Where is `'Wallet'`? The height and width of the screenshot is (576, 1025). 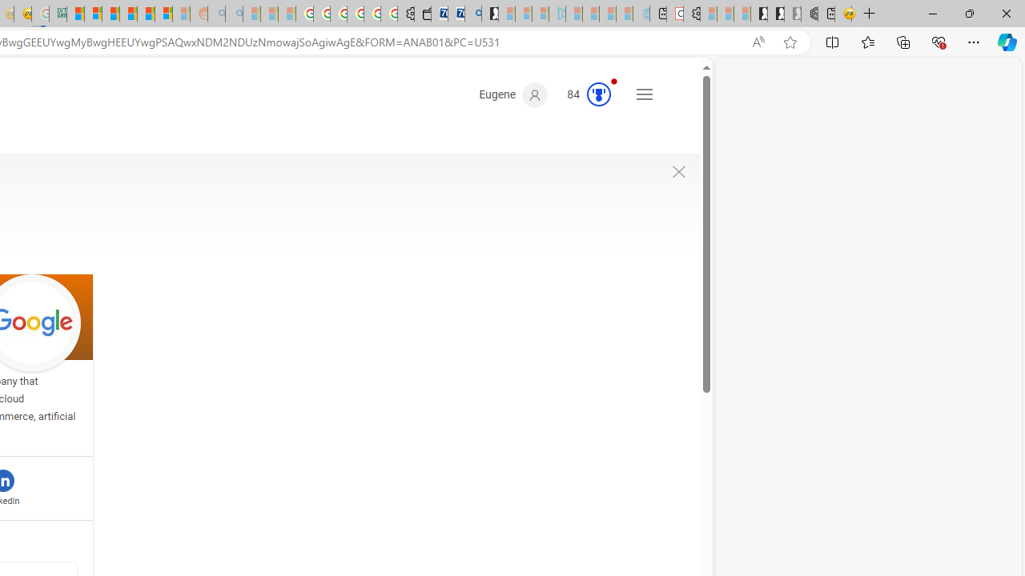
'Wallet' is located at coordinates (423, 14).